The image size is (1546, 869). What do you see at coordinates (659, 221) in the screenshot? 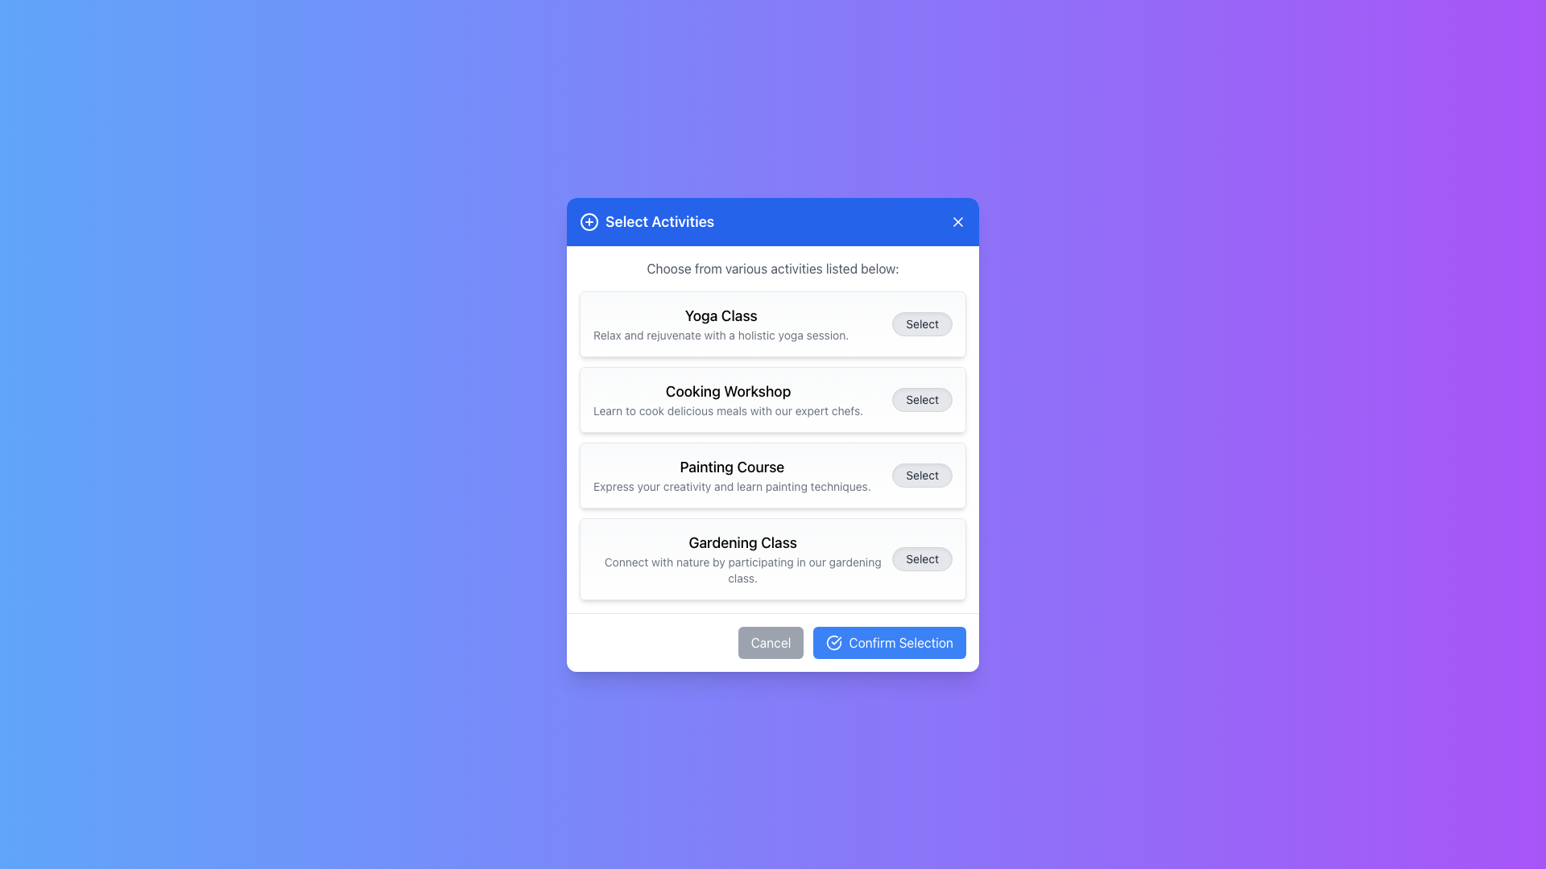
I see `the Static Text Label that serves as a heading for the modal dialog, which is located near the top center, adjacent to a circular plus icon and a close button` at bounding box center [659, 221].